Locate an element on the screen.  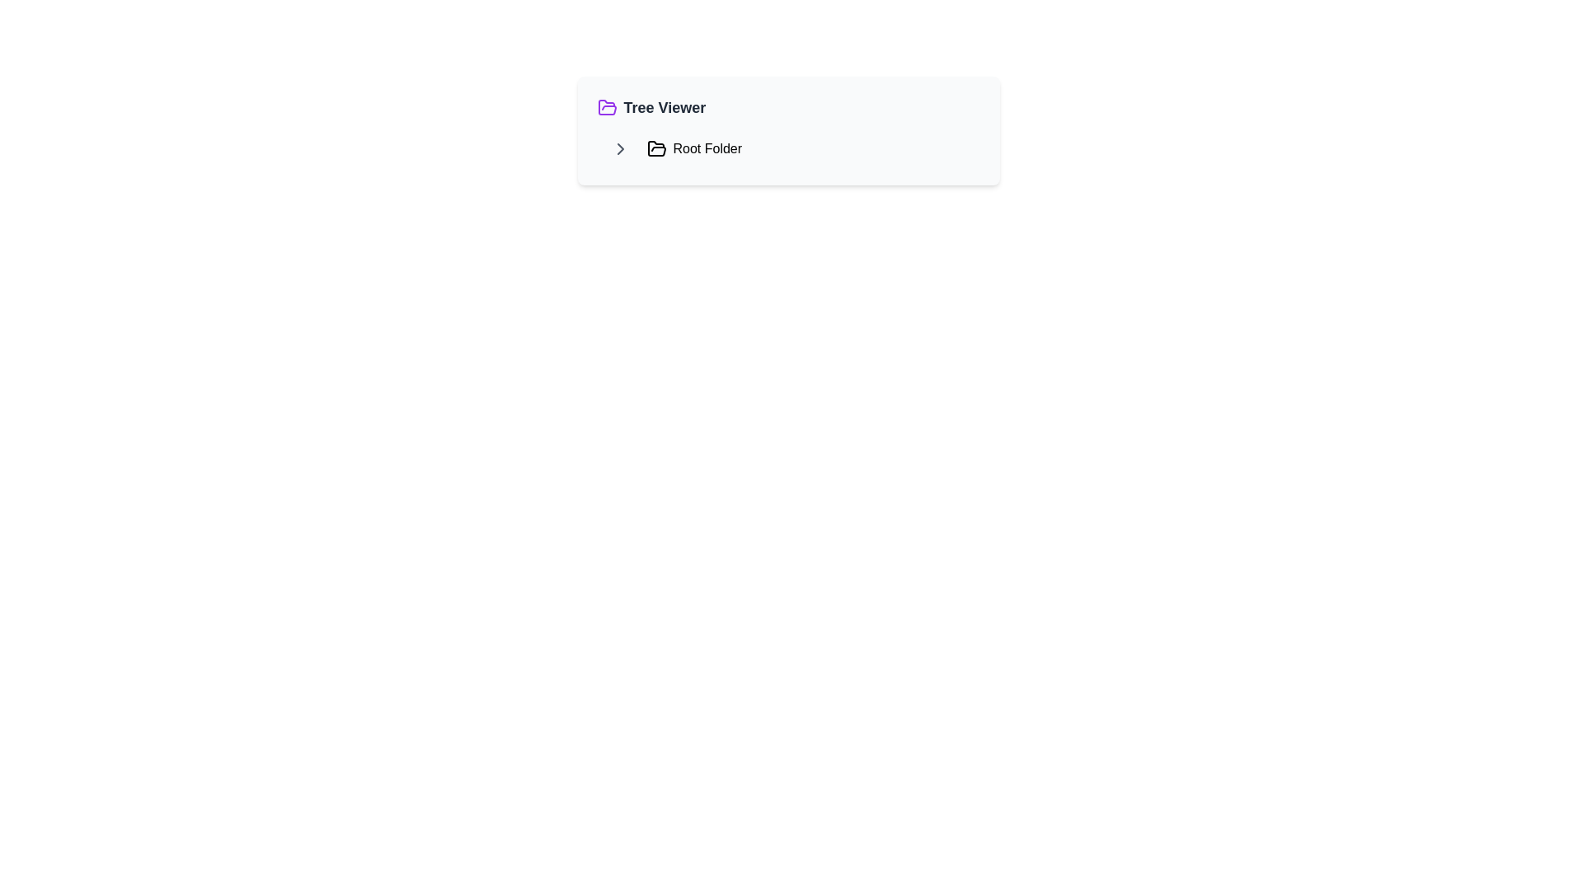
the open folder icon with a purple outline located in the 'Tree Viewer' is located at coordinates (606, 107).